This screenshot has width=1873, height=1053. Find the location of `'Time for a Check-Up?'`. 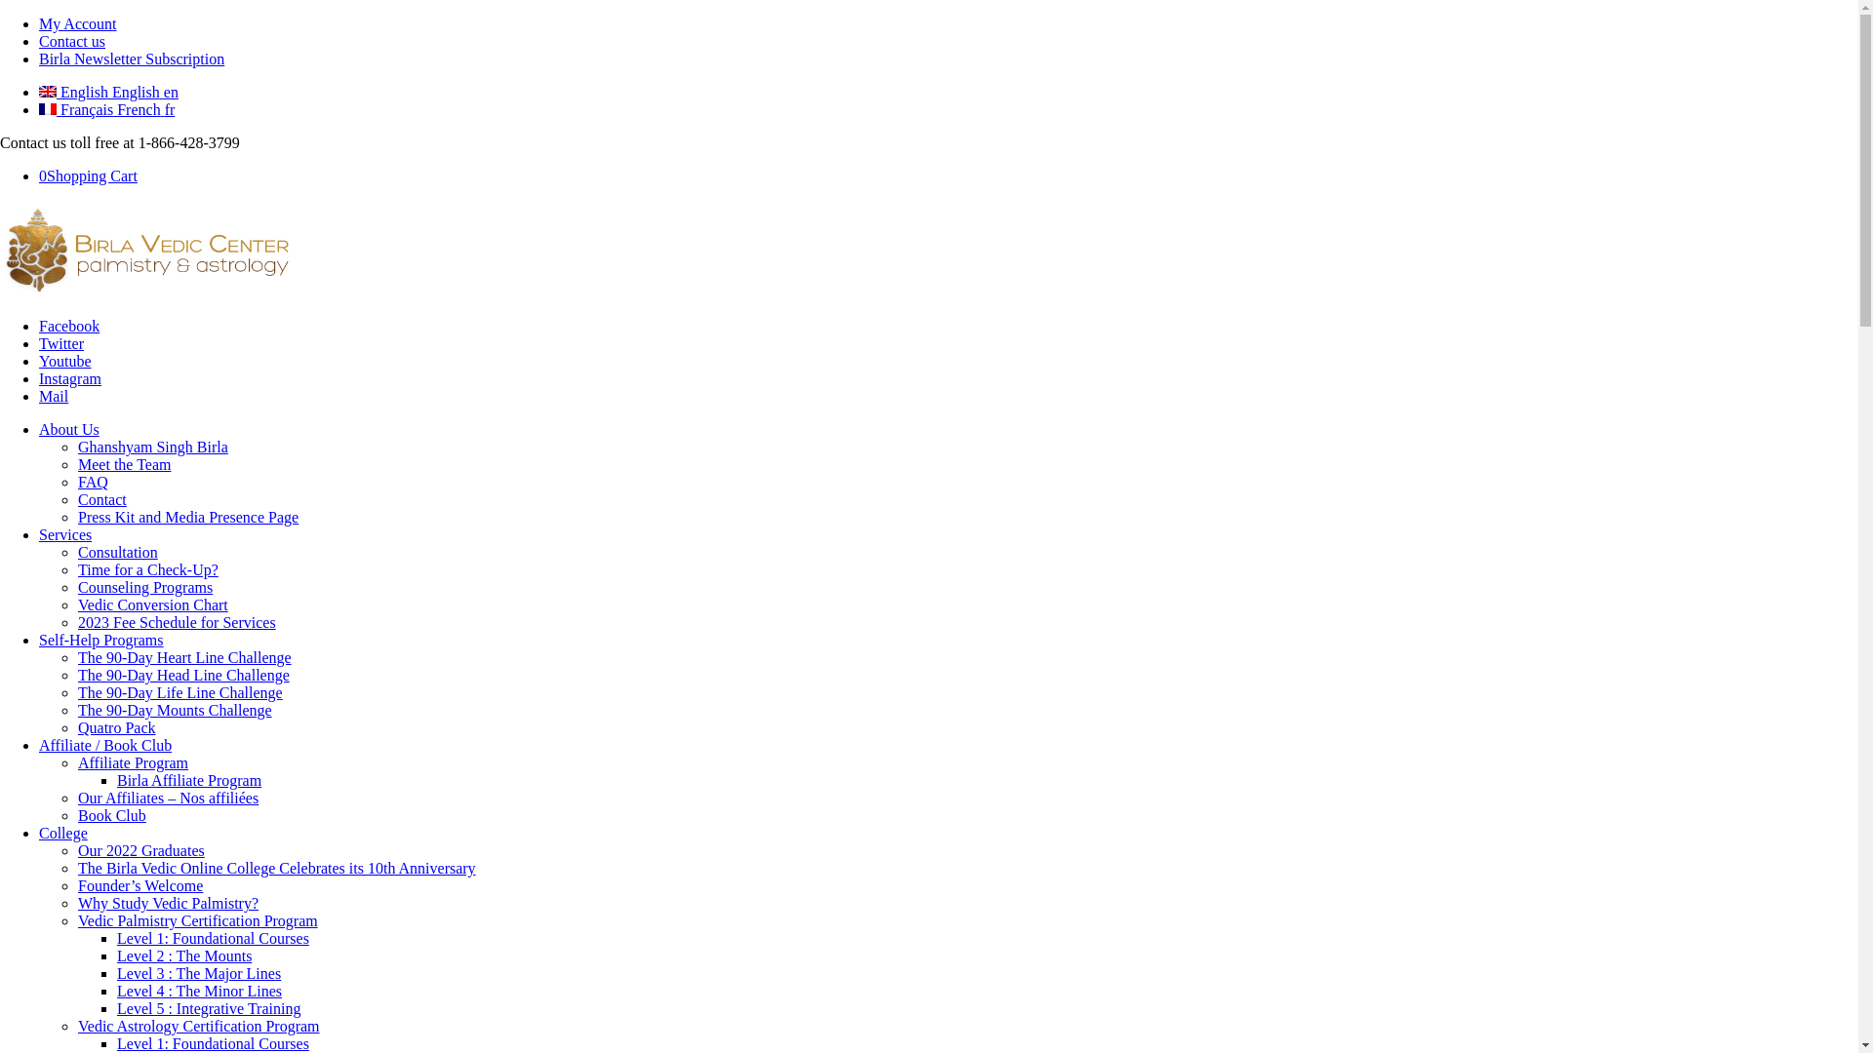

'Time for a Check-Up?' is located at coordinates (147, 569).